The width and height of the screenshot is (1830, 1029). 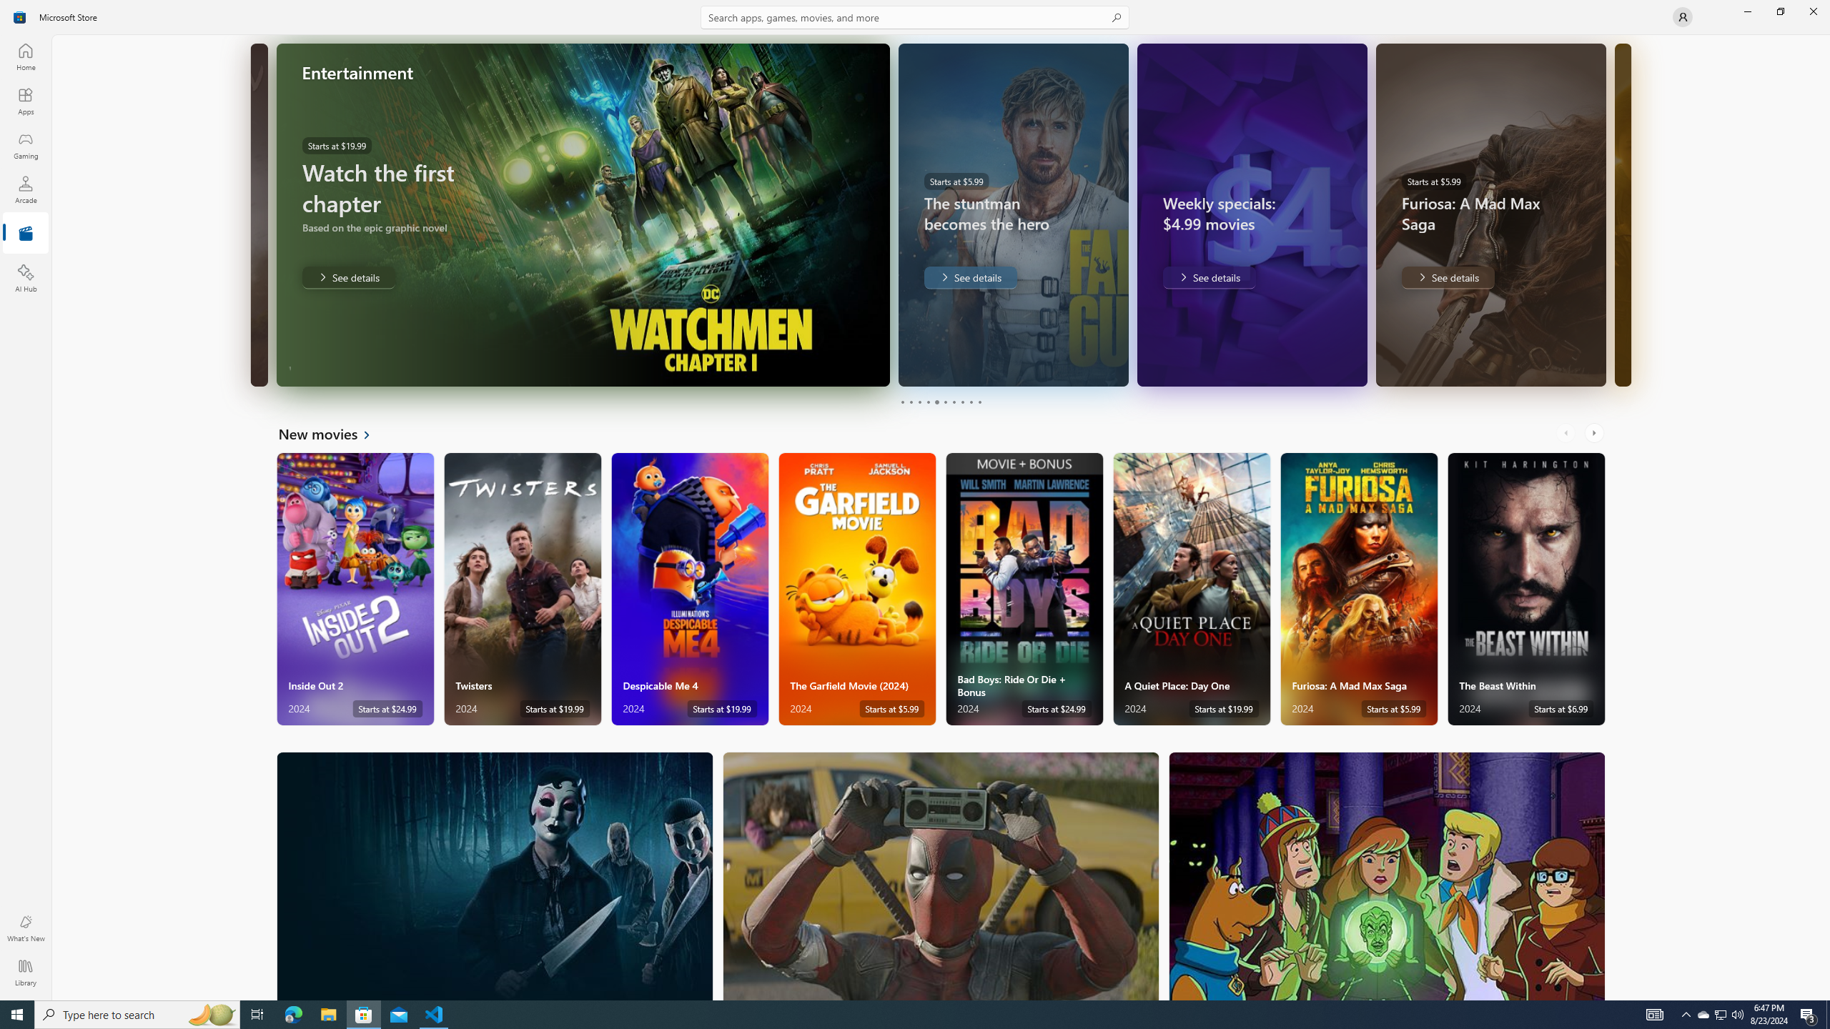 I want to click on 'Page 10', so click(x=979, y=402).